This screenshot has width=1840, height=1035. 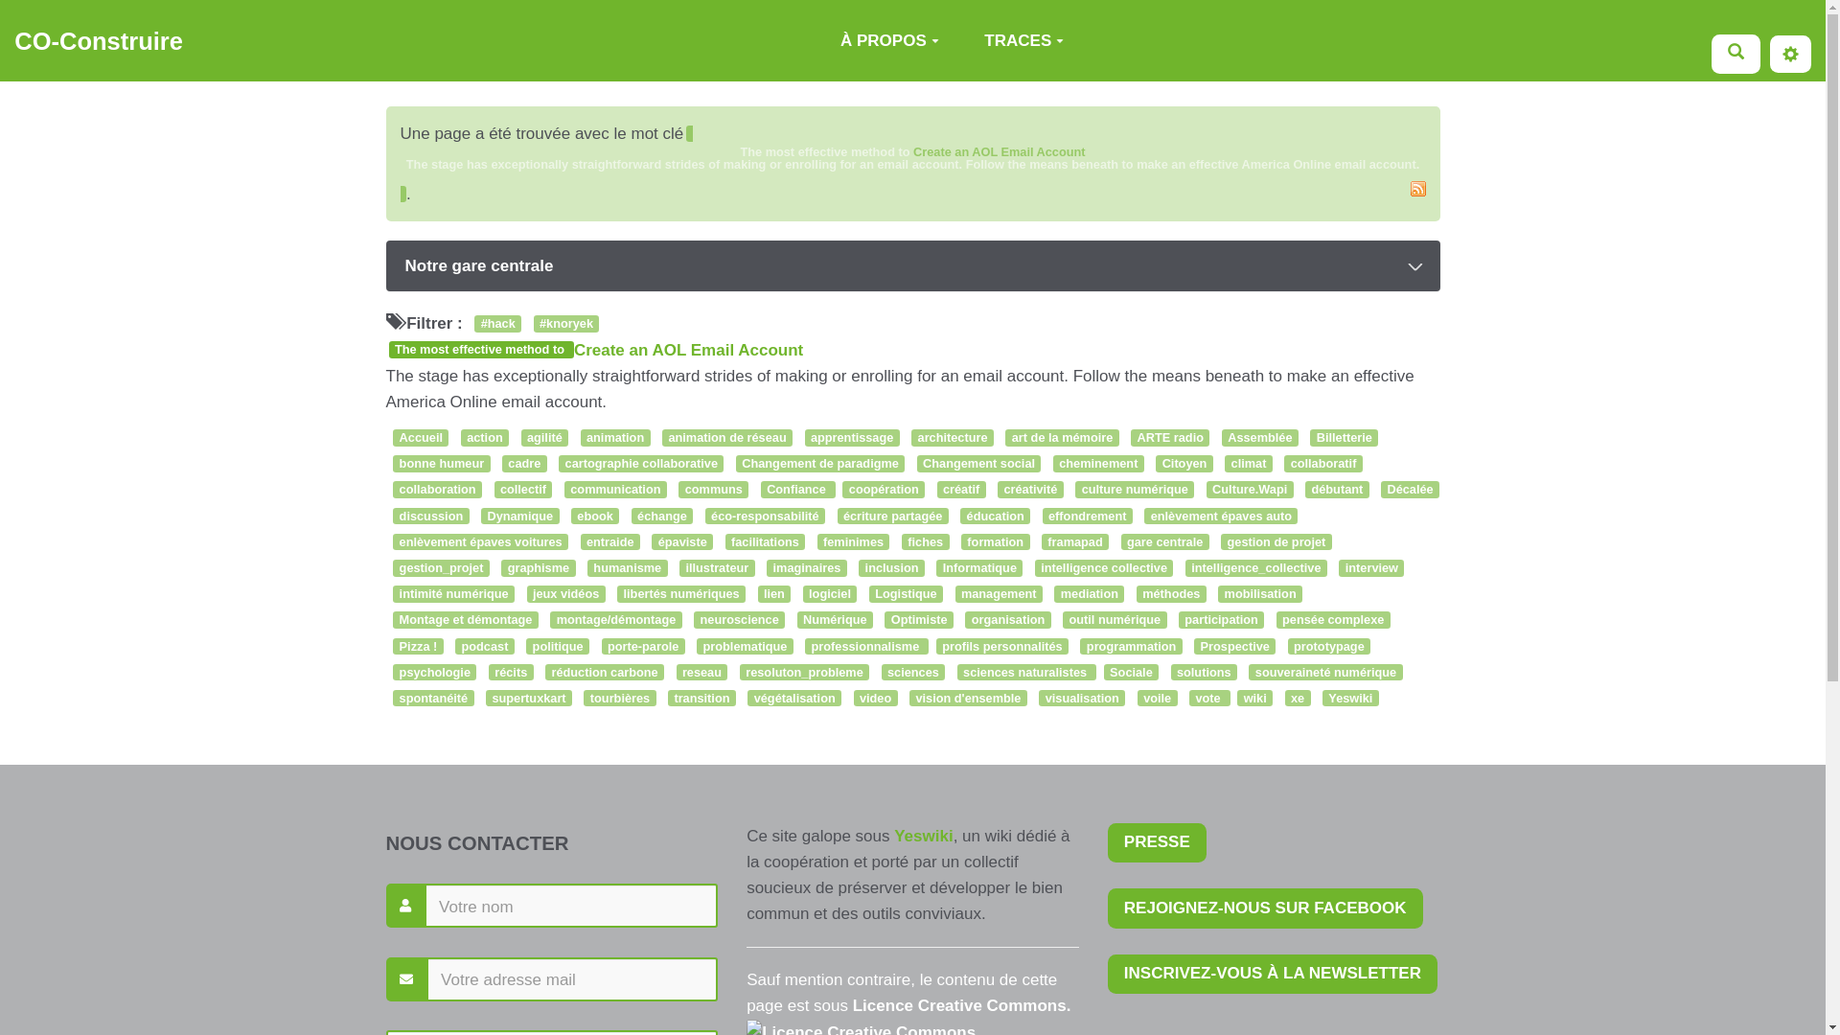 What do you see at coordinates (519, 516) in the screenshot?
I see `'Dynamique'` at bounding box center [519, 516].